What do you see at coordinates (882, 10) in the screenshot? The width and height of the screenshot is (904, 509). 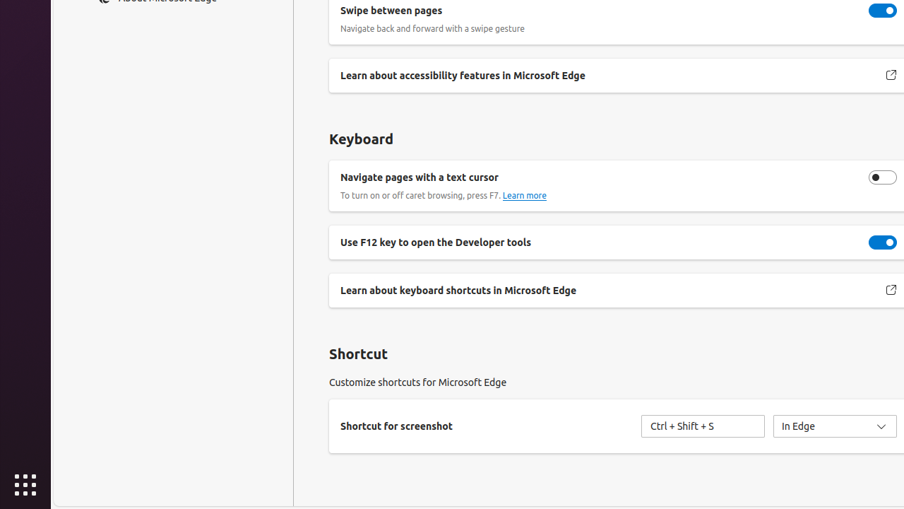 I see `'Navigate back and forward with a swipe gesture'` at bounding box center [882, 10].